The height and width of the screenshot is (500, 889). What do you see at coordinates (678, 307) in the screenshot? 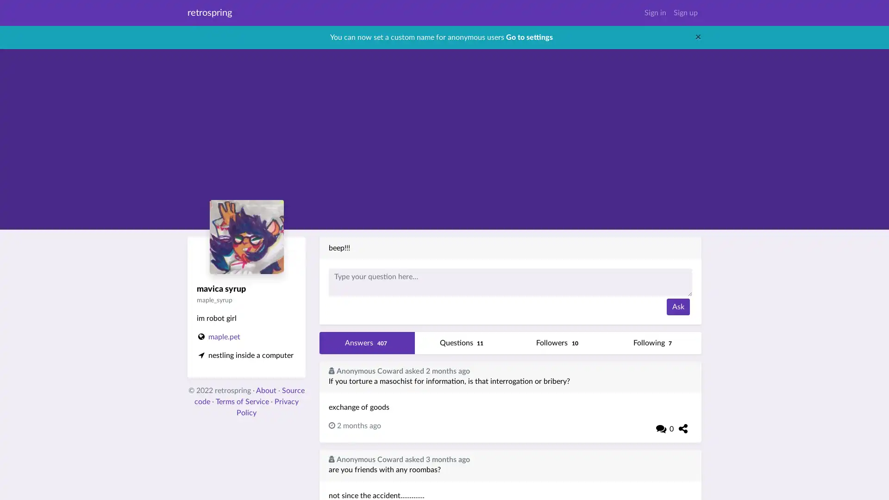
I see `Ask` at bounding box center [678, 307].